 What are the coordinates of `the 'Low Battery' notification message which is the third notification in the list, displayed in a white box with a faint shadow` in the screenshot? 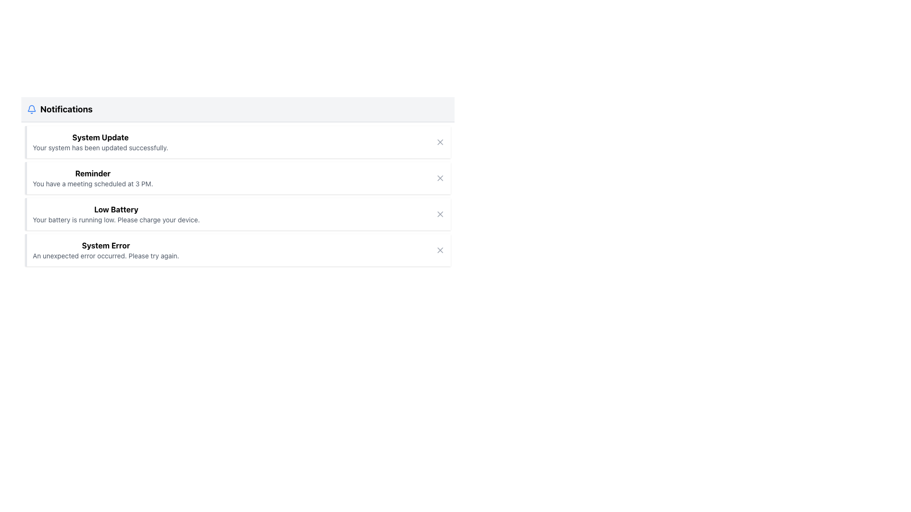 It's located at (116, 214).